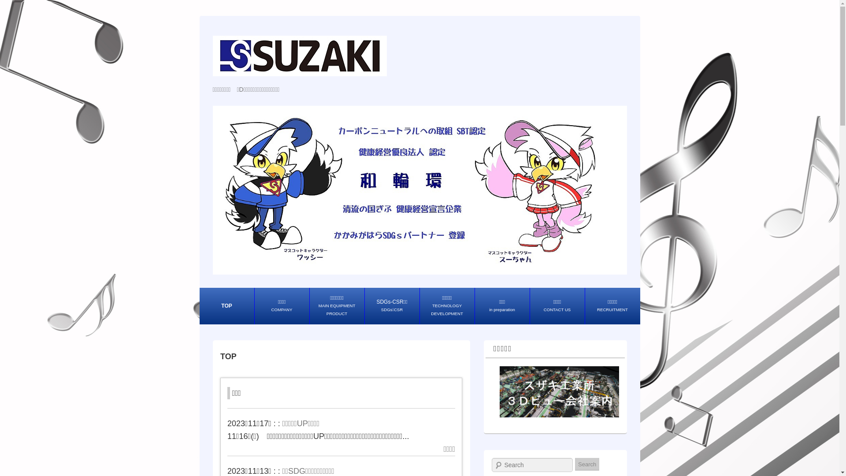 The width and height of the screenshot is (846, 476). What do you see at coordinates (587, 464) in the screenshot?
I see `'Search'` at bounding box center [587, 464].